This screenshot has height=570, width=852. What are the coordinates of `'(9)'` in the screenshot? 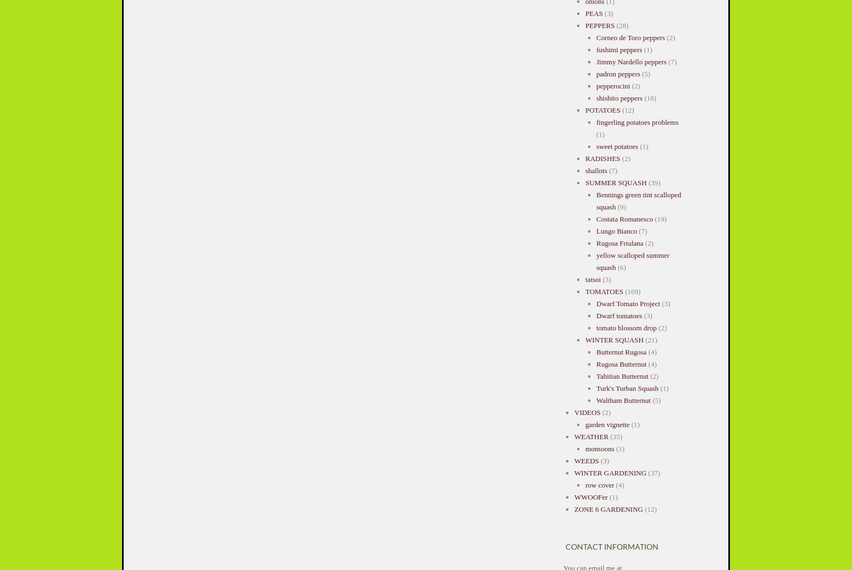 It's located at (620, 206).